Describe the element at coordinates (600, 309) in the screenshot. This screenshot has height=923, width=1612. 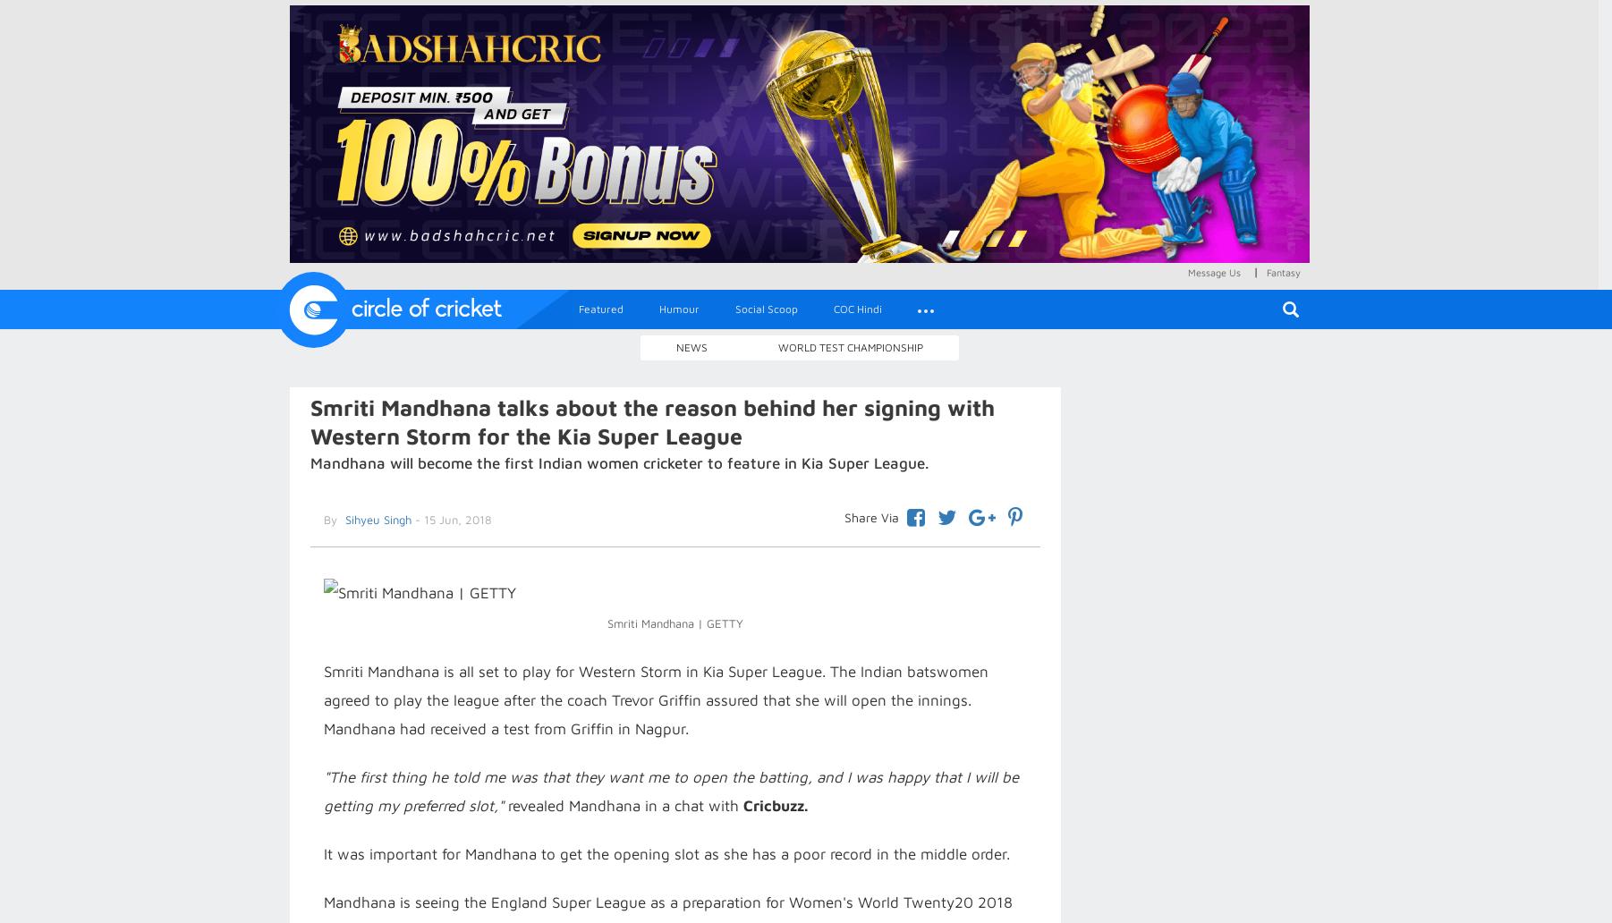
I see `'Featured'` at that location.